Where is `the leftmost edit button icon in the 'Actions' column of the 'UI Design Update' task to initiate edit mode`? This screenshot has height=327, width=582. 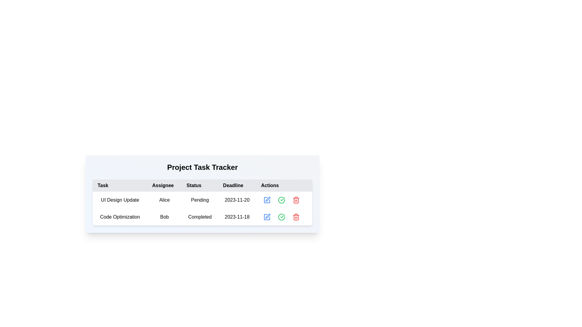
the leftmost edit button icon in the 'Actions' column of the 'UI Design Update' task to initiate edit mode is located at coordinates (267, 199).